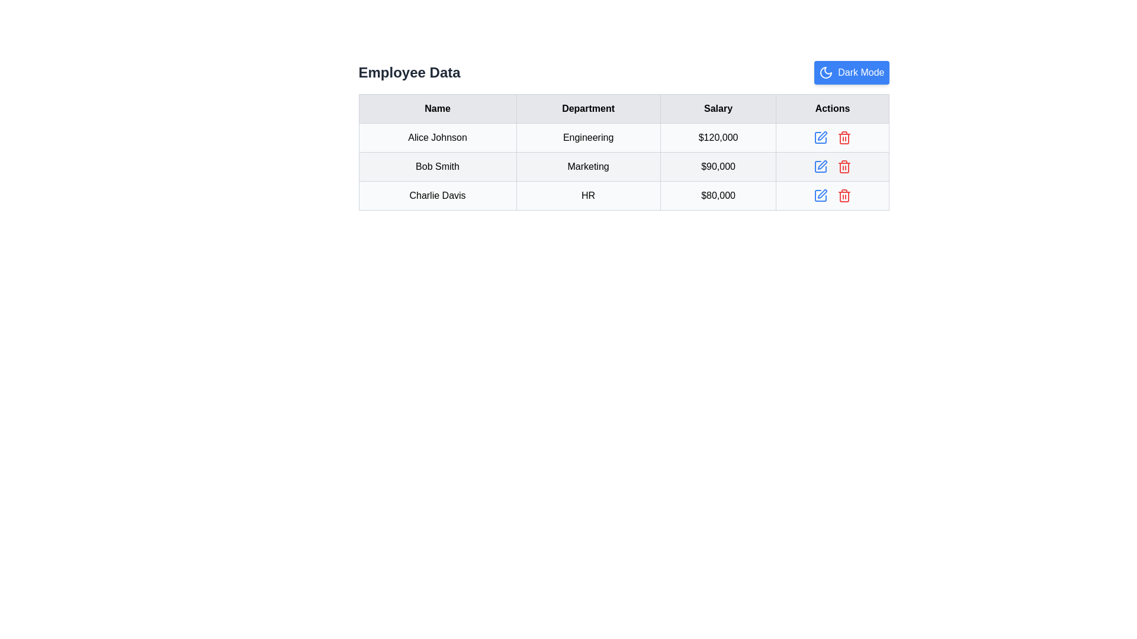 Image resolution: width=1137 pixels, height=639 pixels. What do you see at coordinates (588, 195) in the screenshot?
I see `the Text Display element showing 'HR' in the Department column, third row, between 'Charlie Davis' and '$80,000'` at bounding box center [588, 195].